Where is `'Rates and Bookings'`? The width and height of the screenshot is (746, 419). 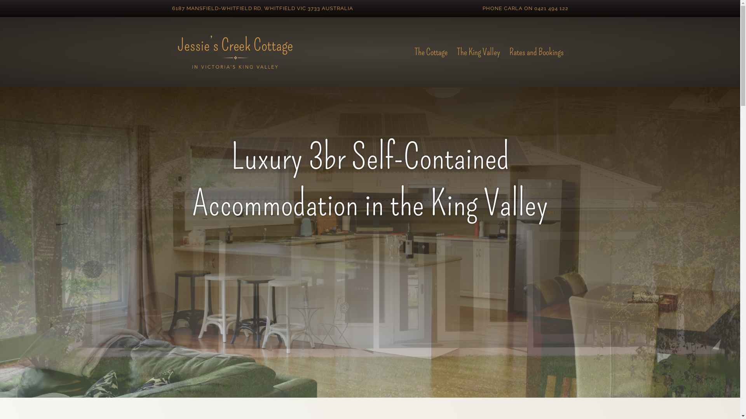
'Rates and Bookings' is located at coordinates (504, 52).